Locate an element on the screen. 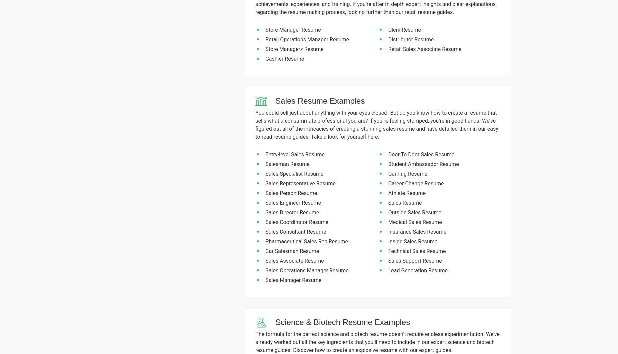 The width and height of the screenshot is (618, 354). 'Lead Generation Resume' is located at coordinates (388, 270).